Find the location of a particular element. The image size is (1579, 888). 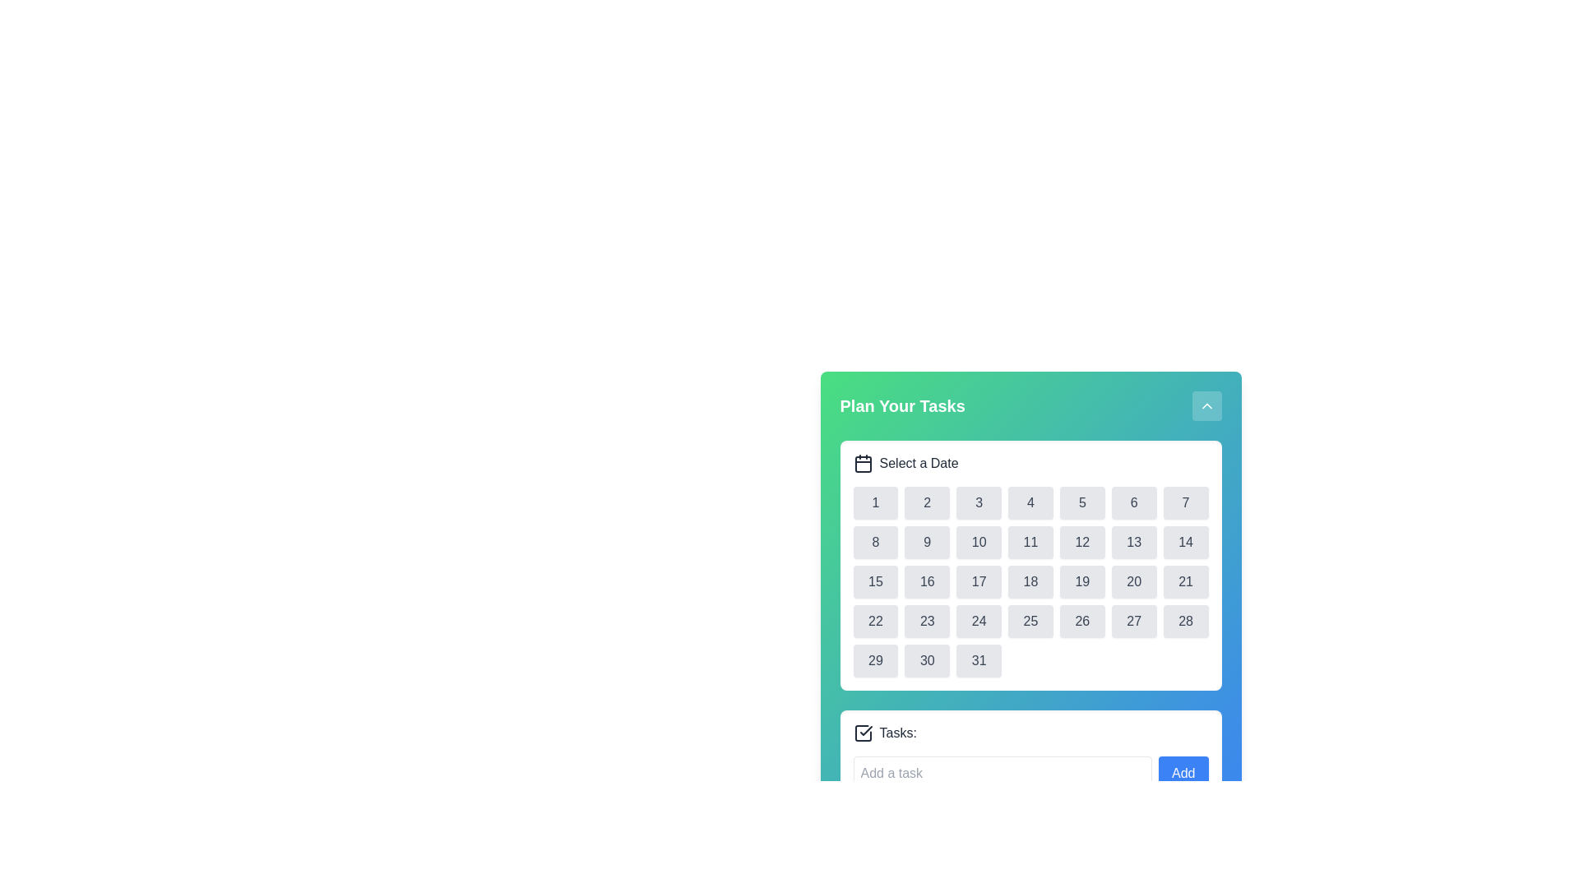

the button representing the 31st day is located at coordinates (979, 659).